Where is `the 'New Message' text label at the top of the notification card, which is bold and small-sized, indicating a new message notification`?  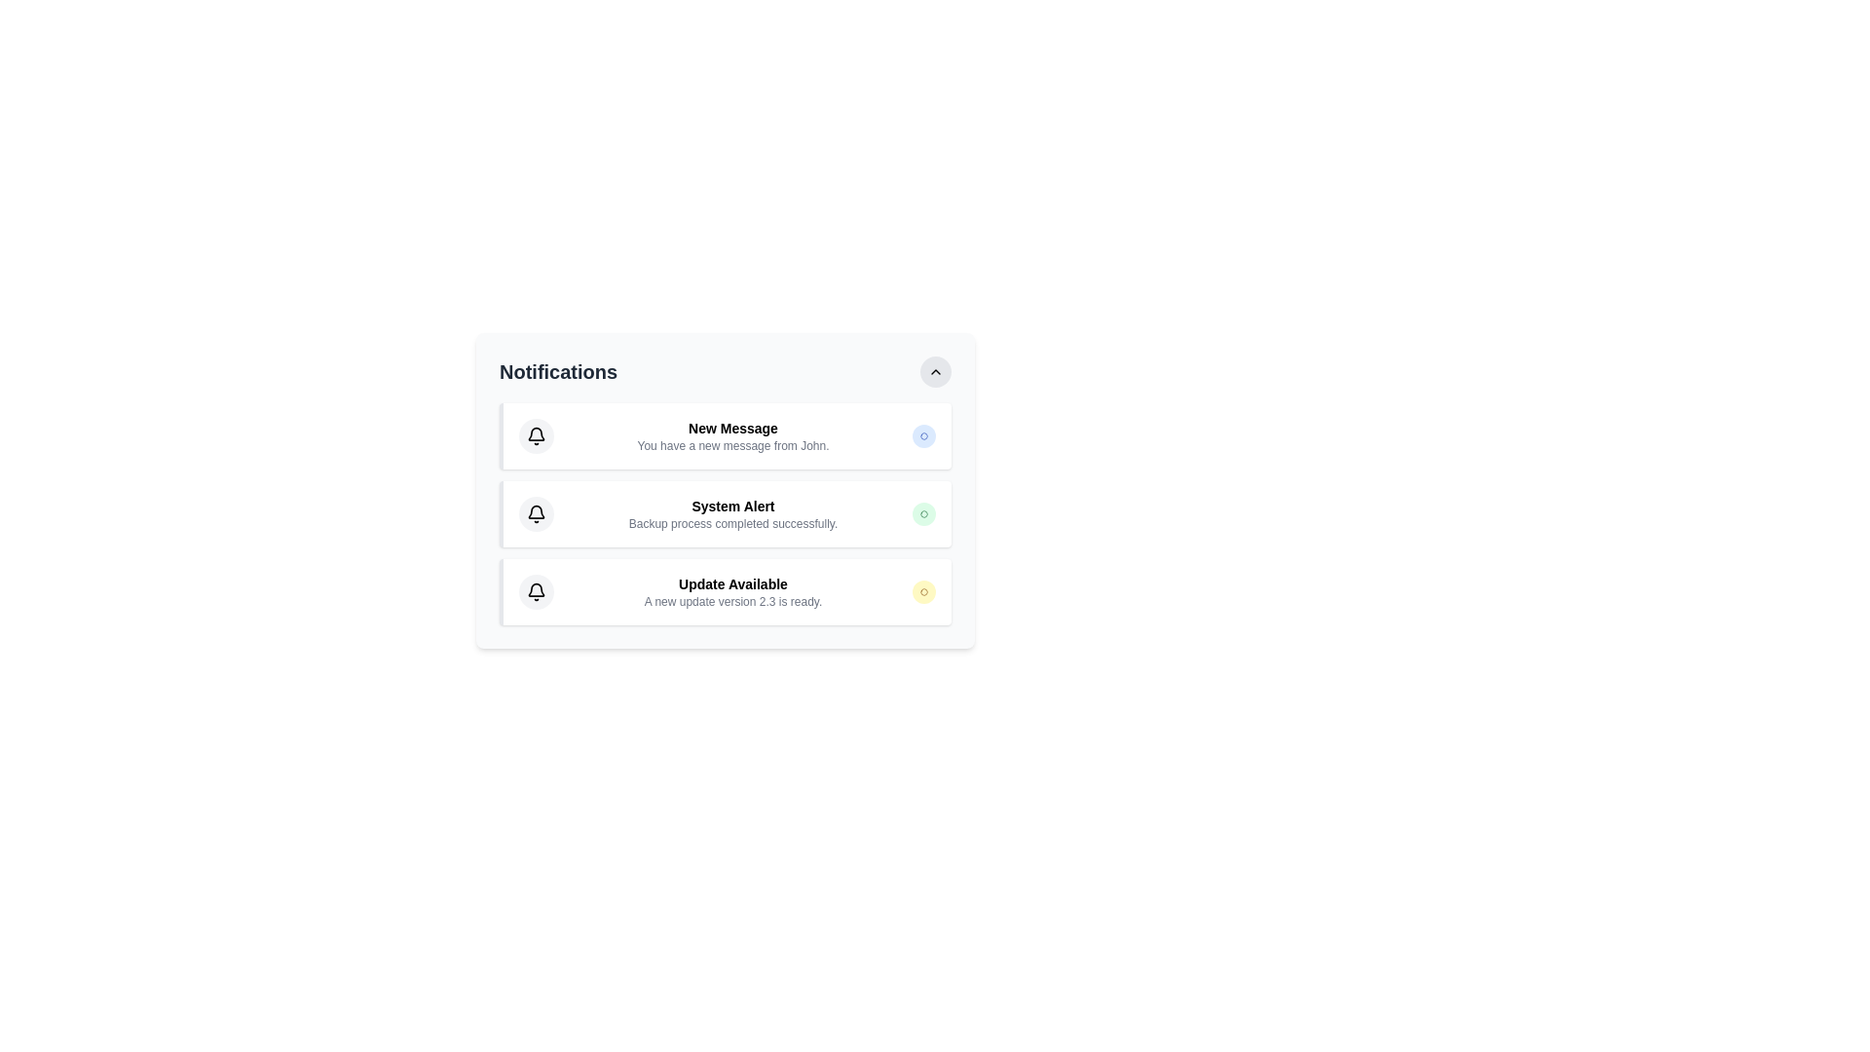
the 'New Message' text label at the top of the notification card, which is bold and small-sized, indicating a new message notification is located at coordinates (732, 427).